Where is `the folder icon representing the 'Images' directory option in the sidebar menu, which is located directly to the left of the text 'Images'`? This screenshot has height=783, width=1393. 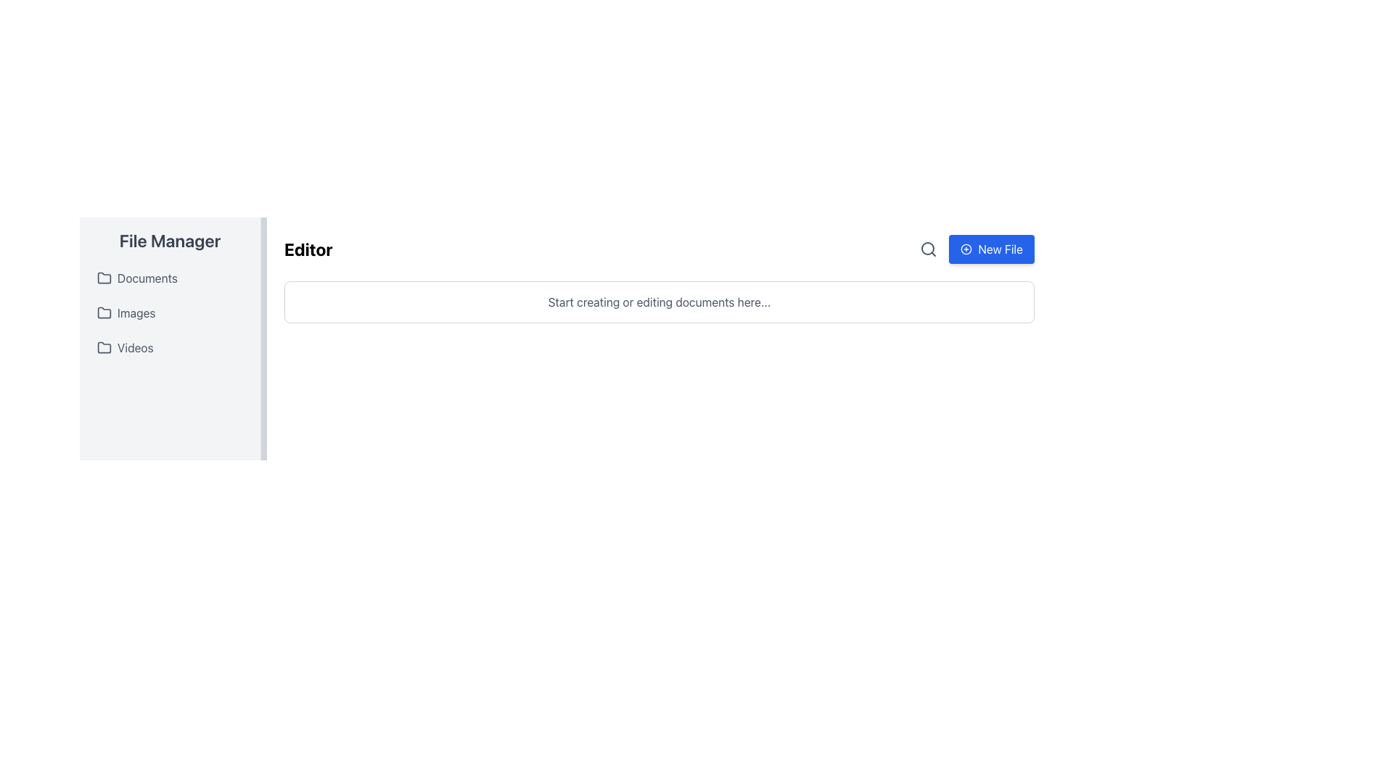 the folder icon representing the 'Images' directory option in the sidebar menu, which is located directly to the left of the text 'Images' is located at coordinates (104, 312).